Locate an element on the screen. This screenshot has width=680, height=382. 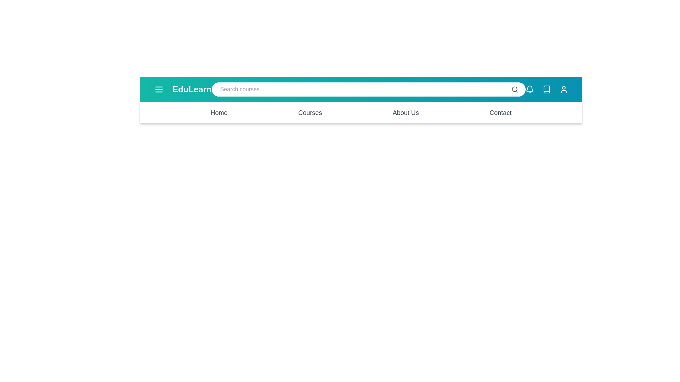
the search icon to submit the search query is located at coordinates (515, 89).